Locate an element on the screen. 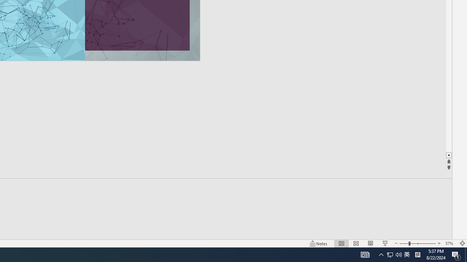 This screenshot has height=262, width=467. 'Line down' is located at coordinates (448, 155).